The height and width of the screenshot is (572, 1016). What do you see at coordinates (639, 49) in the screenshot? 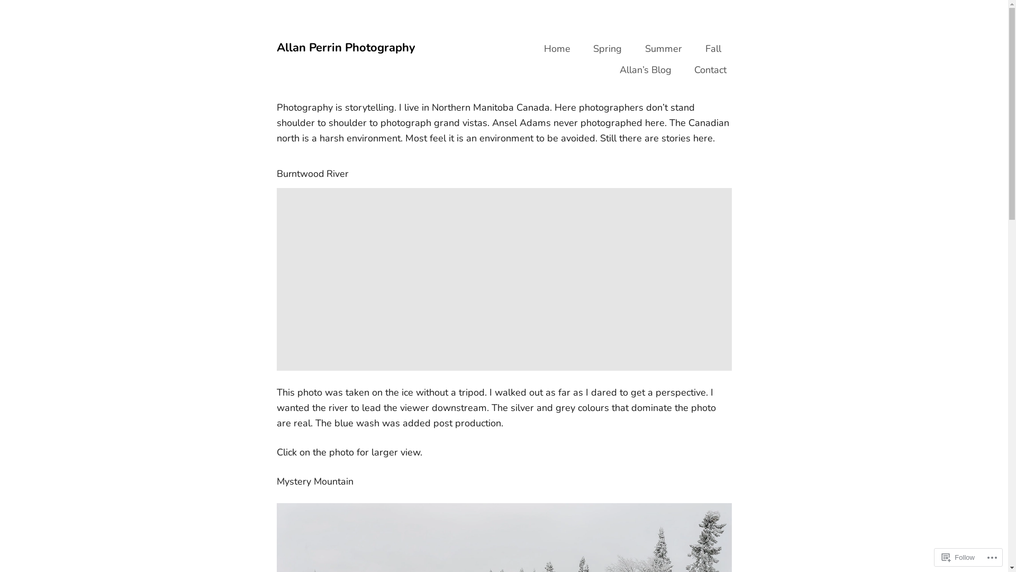
I see `'Summer'` at bounding box center [639, 49].